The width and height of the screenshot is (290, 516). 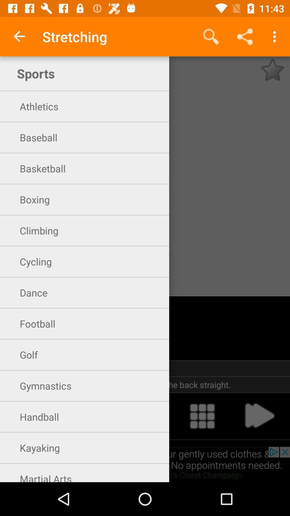 What do you see at coordinates (145, 416) in the screenshot?
I see `choose the handball` at bounding box center [145, 416].